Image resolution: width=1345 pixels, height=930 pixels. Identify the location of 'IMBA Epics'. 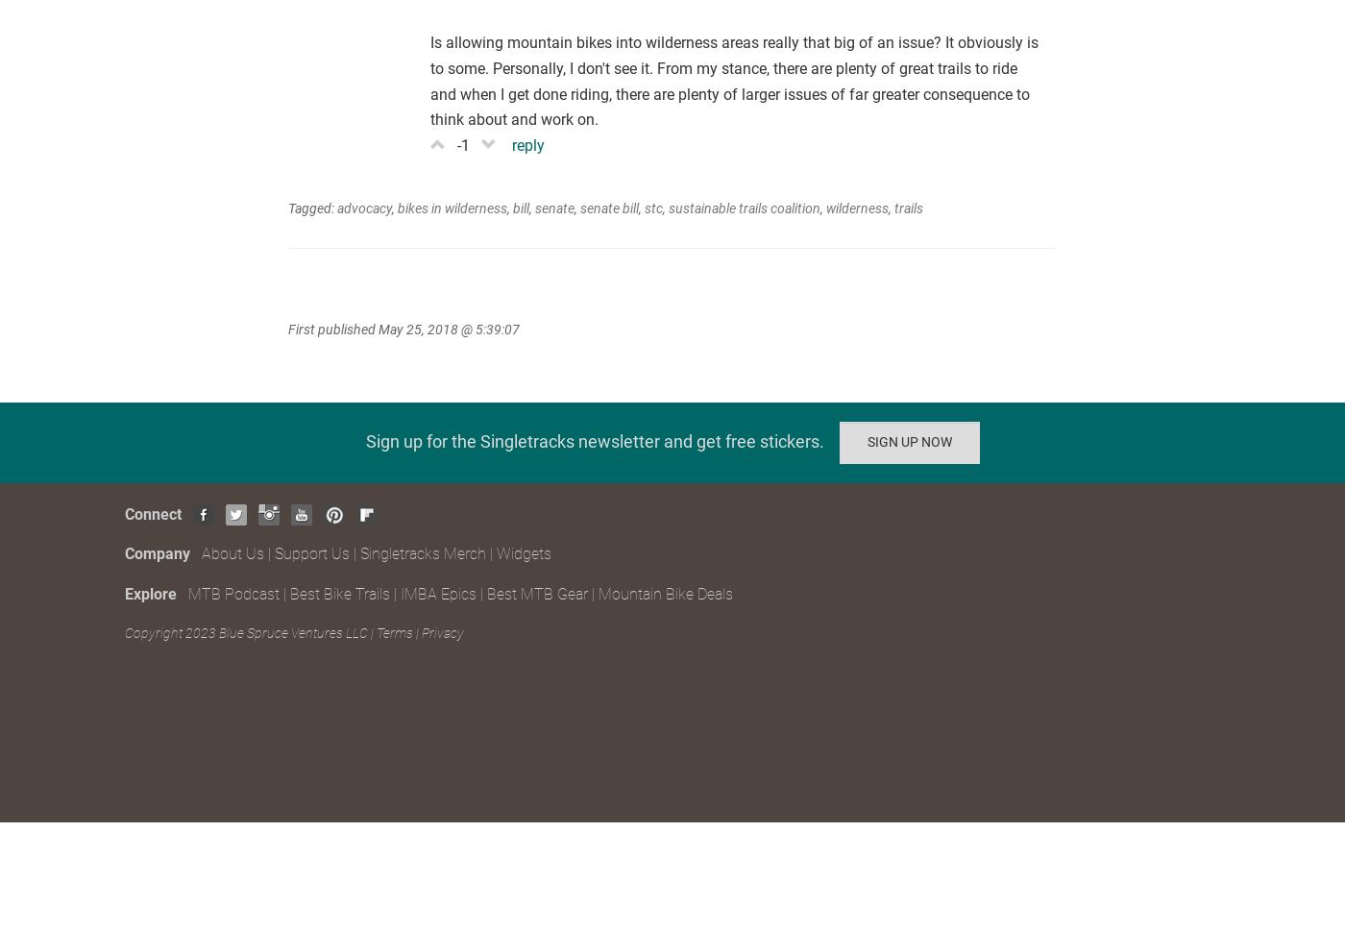
(401, 593).